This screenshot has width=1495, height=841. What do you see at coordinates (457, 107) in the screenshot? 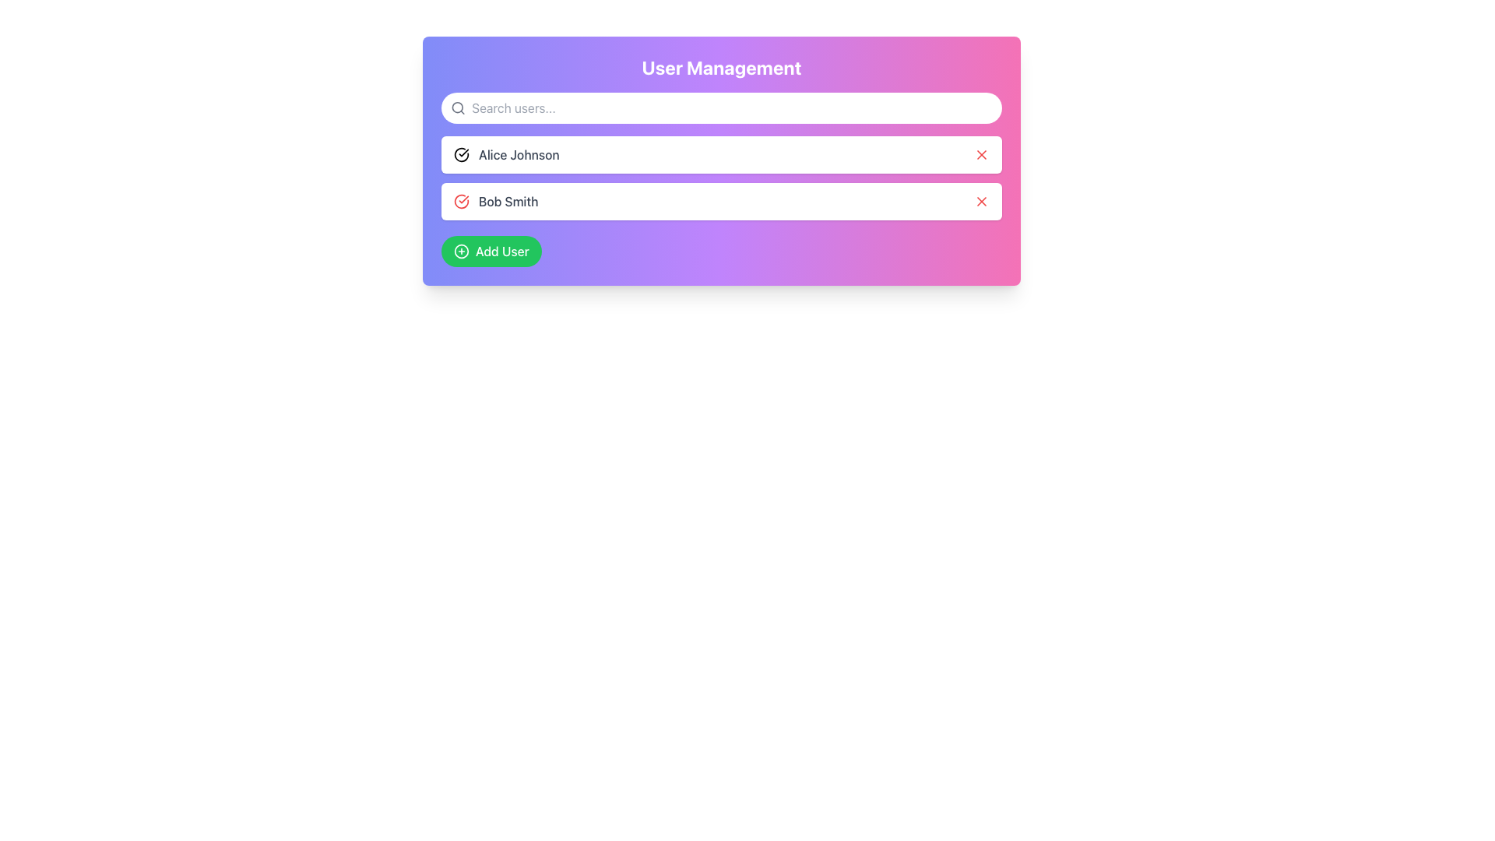
I see `the search icon located at the far left of the search input field` at bounding box center [457, 107].